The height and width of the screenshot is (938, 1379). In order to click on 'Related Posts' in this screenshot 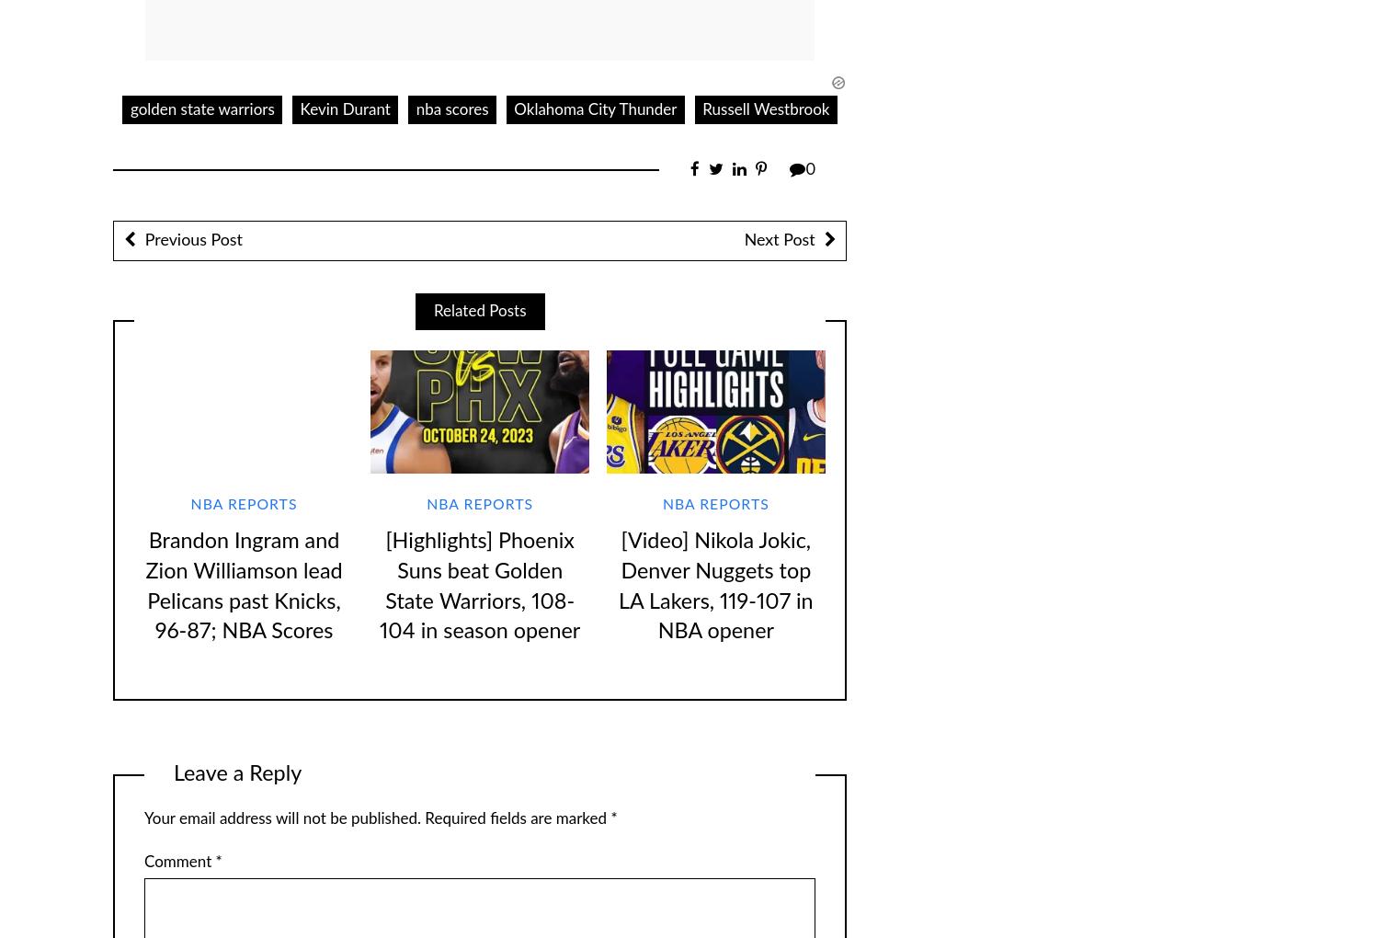, I will do `click(432, 311)`.